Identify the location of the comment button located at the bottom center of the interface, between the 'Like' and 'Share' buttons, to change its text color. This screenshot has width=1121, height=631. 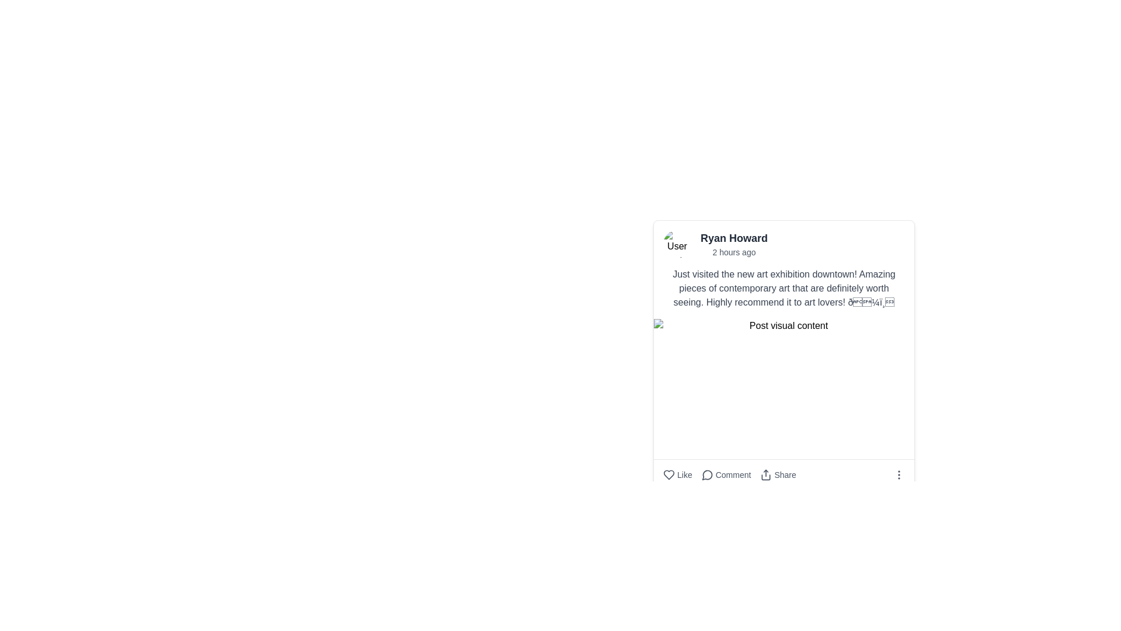
(725, 475).